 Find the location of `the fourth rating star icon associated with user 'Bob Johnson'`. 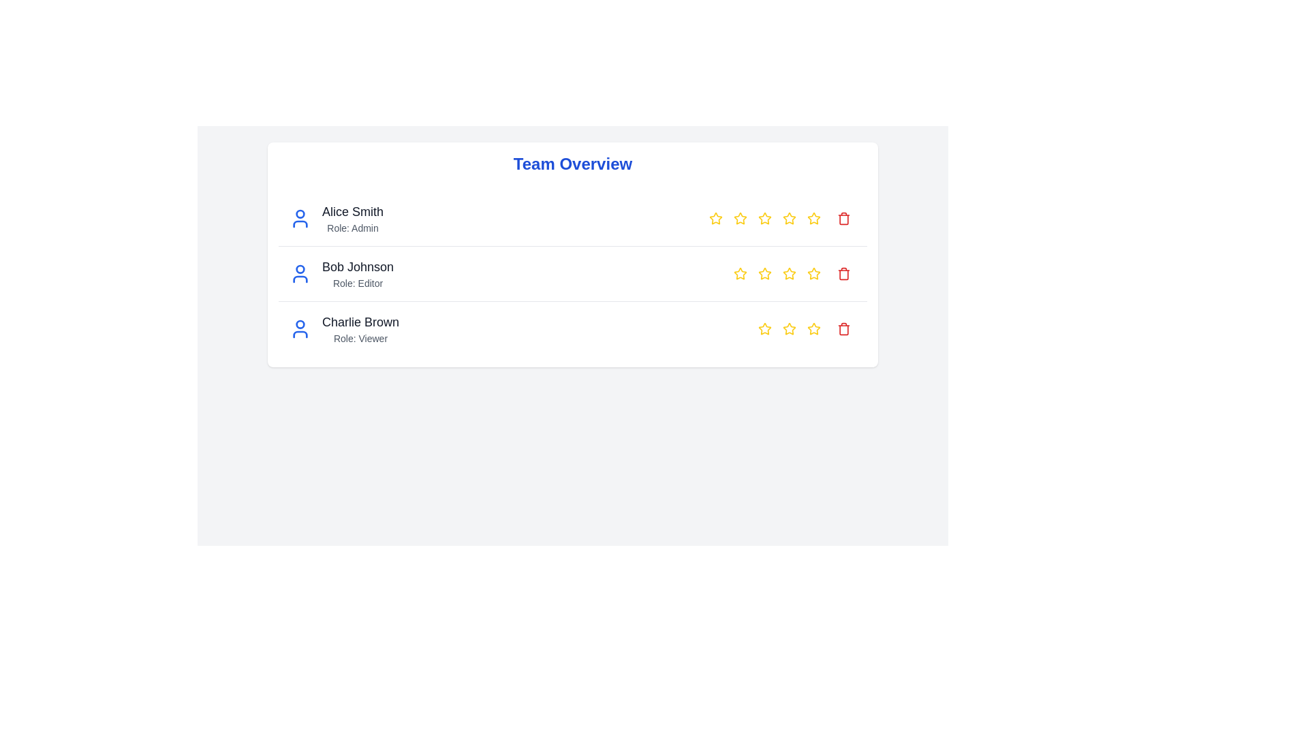

the fourth rating star icon associated with user 'Bob Johnson' is located at coordinates (788, 273).